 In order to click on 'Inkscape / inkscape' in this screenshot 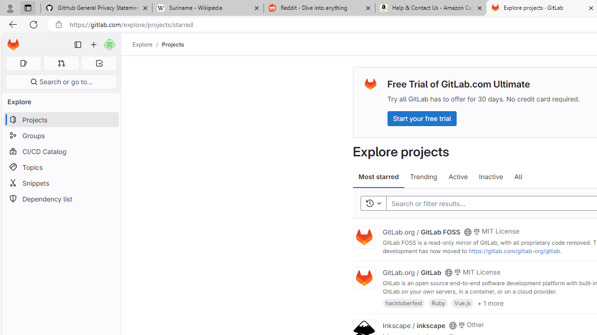, I will do `click(413, 324)`.